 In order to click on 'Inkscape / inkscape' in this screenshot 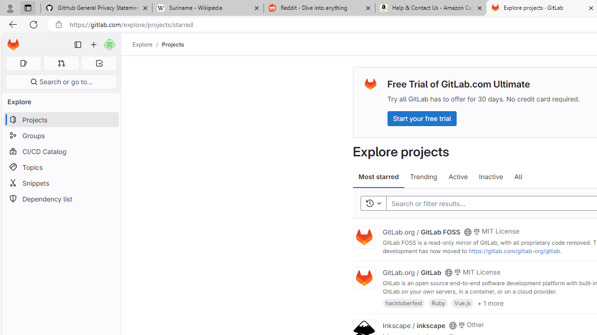, I will do `click(413, 324)`.